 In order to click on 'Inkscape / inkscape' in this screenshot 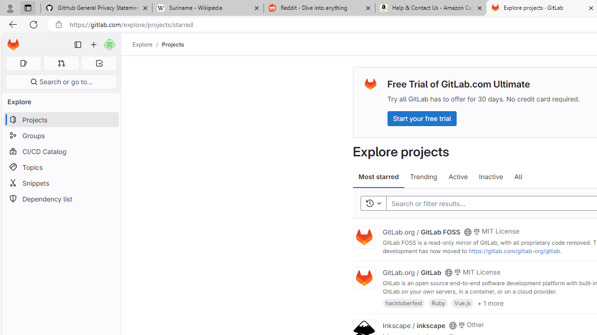, I will do `click(413, 324)`.